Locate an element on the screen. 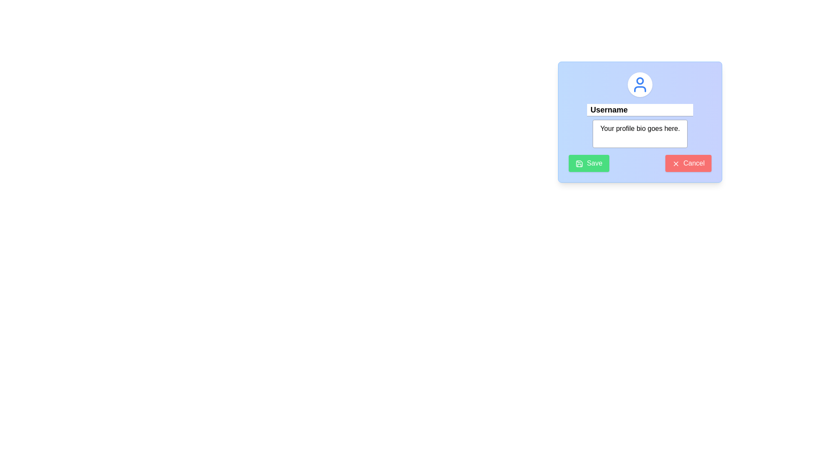 This screenshot has width=821, height=462. the stylized save icon located within the green 'Save' button at the lower-left corner of the modal window is located at coordinates (579, 163).